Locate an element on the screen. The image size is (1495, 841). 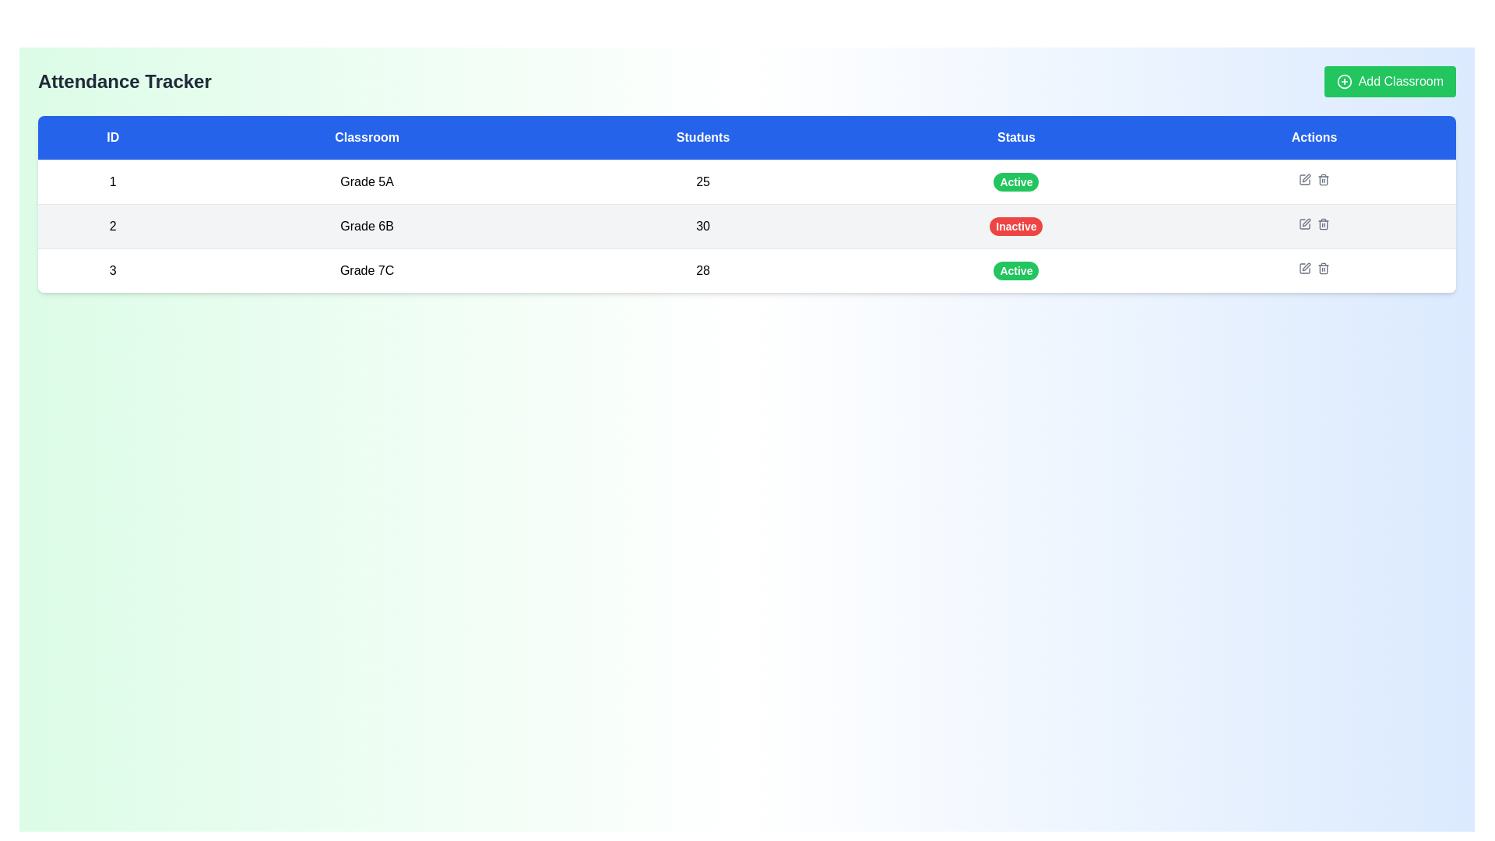
the 'Active' status indicator badge with a green background located in the 'Status' column of the first row, aligned with 'Grade 5A' is located at coordinates (1016, 181).